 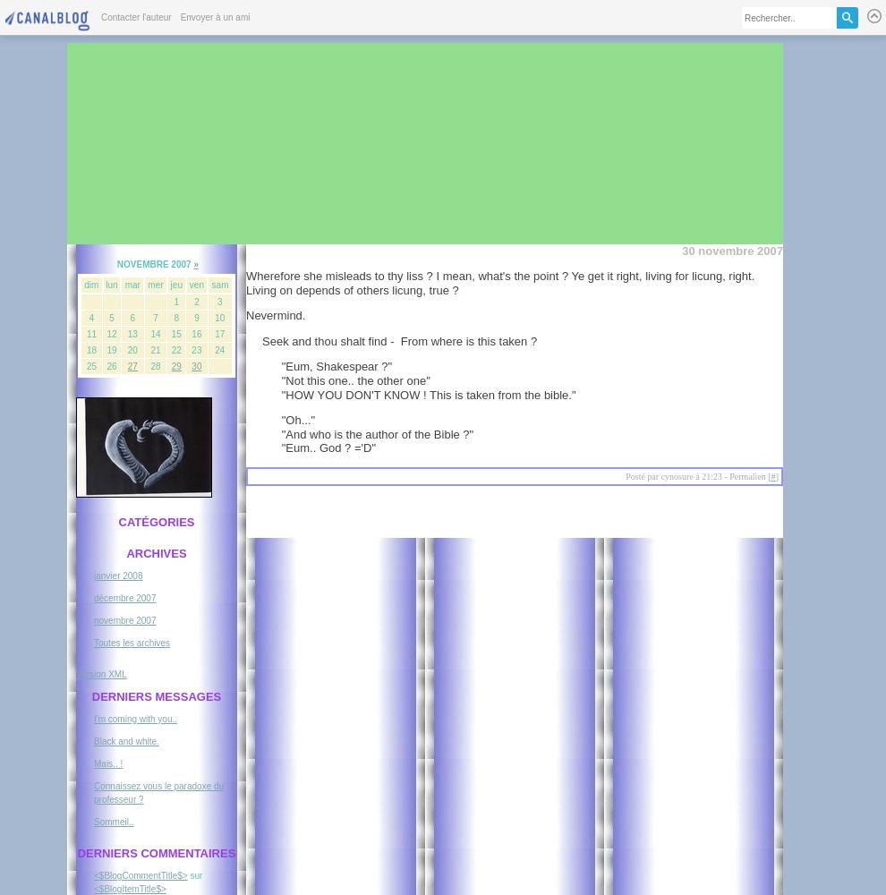 I want to click on 'Derniers commentaires', so click(x=156, y=852).